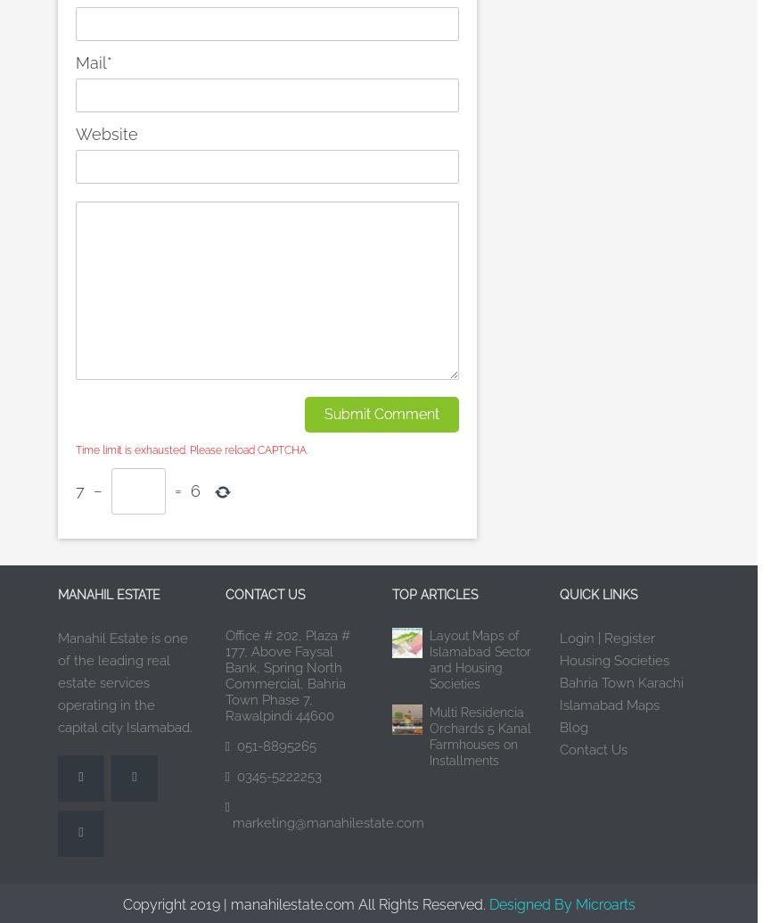 The width and height of the screenshot is (771, 923). What do you see at coordinates (603, 638) in the screenshot?
I see `'Register'` at bounding box center [603, 638].